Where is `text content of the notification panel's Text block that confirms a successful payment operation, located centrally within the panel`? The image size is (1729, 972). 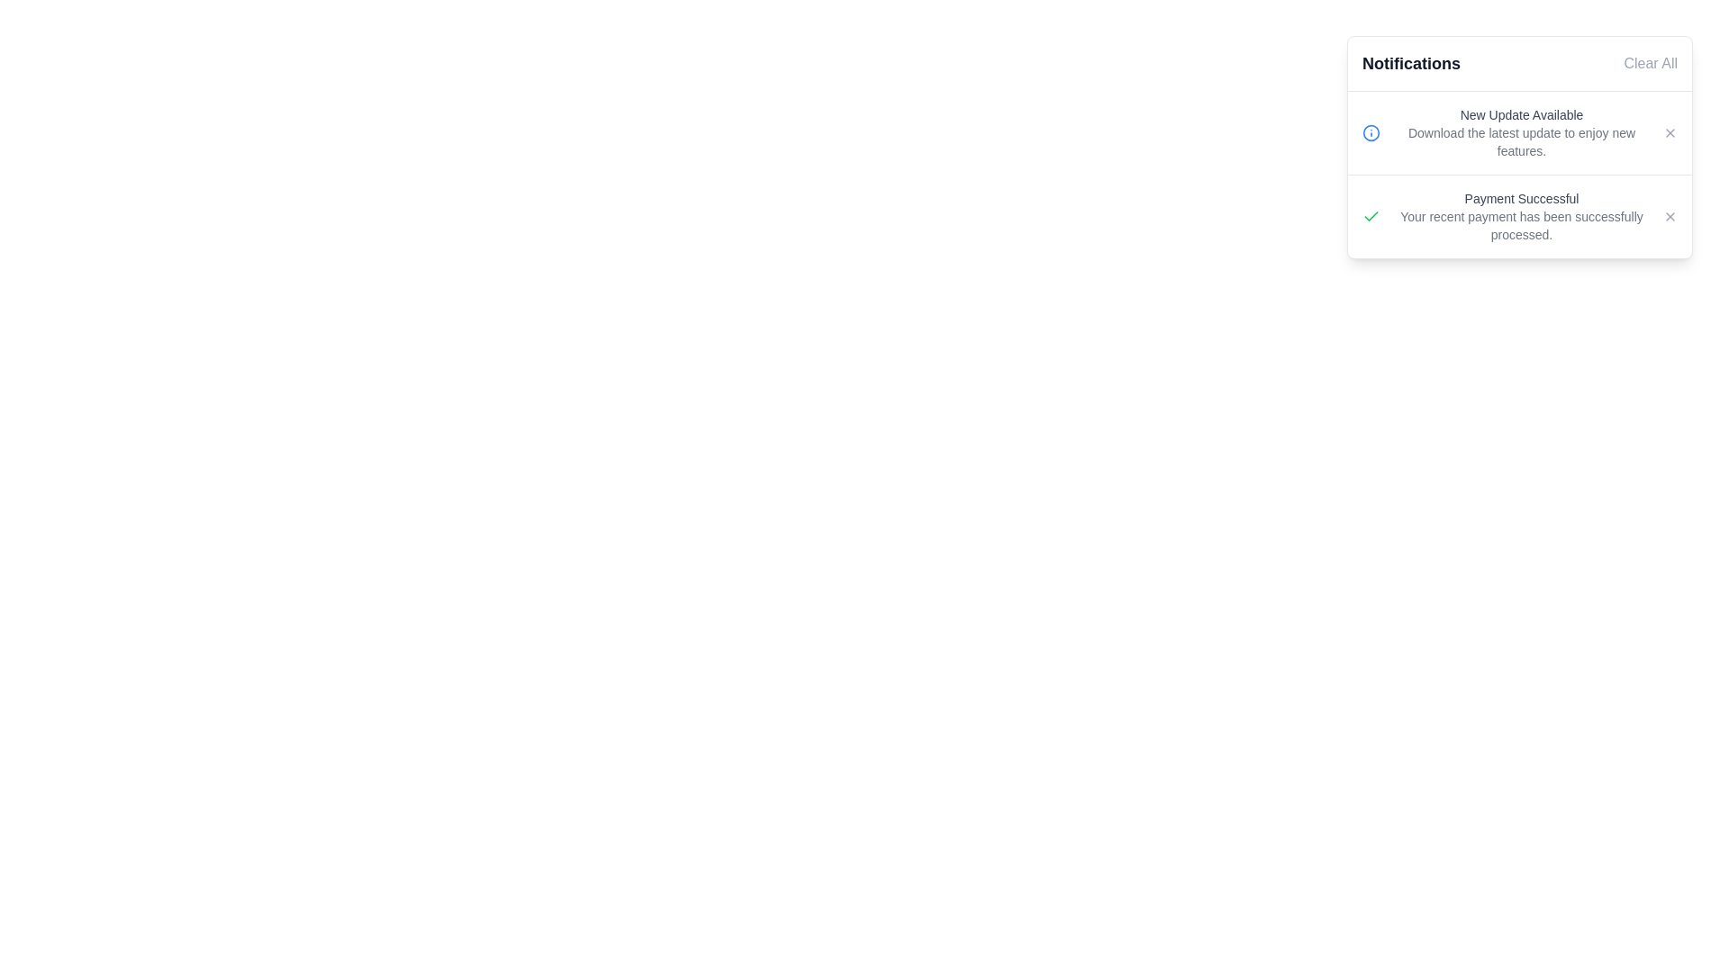
text content of the notification panel's Text block that confirms a successful payment operation, located centrally within the panel is located at coordinates (1520, 215).